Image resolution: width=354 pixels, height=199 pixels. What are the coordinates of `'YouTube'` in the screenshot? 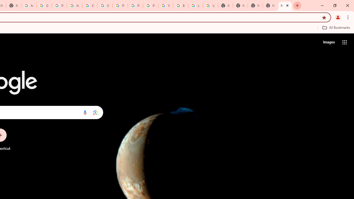 It's located at (165, 6).